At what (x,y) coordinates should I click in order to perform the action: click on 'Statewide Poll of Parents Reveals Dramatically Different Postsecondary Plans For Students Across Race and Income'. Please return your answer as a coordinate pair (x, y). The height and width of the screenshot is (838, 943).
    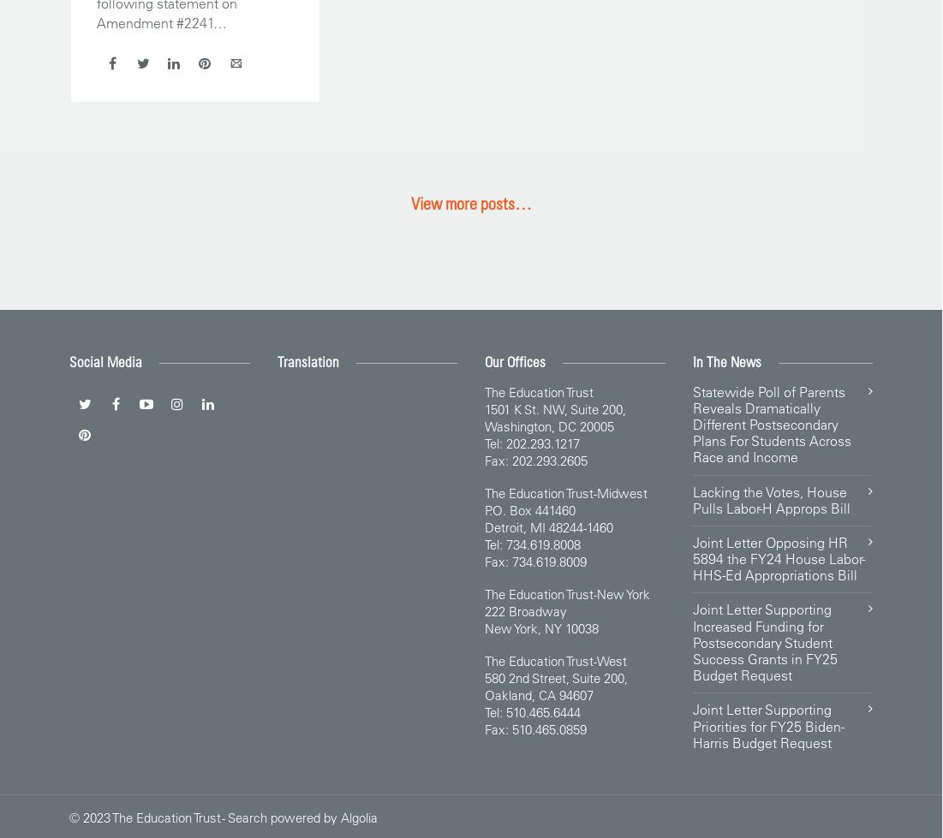
    Looking at the image, I should click on (770, 423).